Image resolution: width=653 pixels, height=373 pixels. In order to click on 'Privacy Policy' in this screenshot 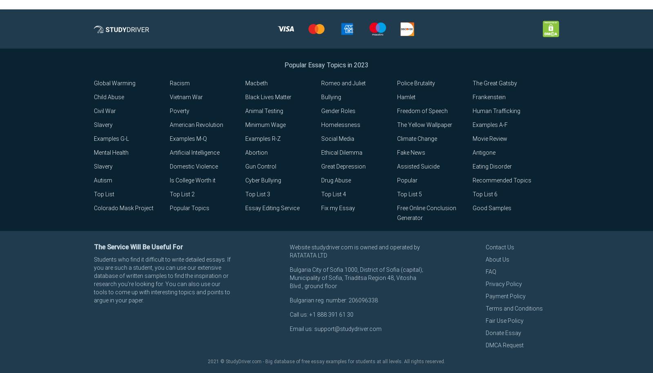, I will do `click(486, 284)`.